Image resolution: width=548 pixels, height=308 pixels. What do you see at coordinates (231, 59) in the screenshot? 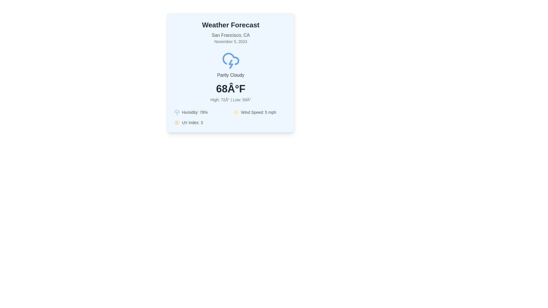
I see `the upper portion of the cloud in the cloud and lightning icon, which is styled with a blue stroke and no fill, located in the weather forecast card` at bounding box center [231, 59].